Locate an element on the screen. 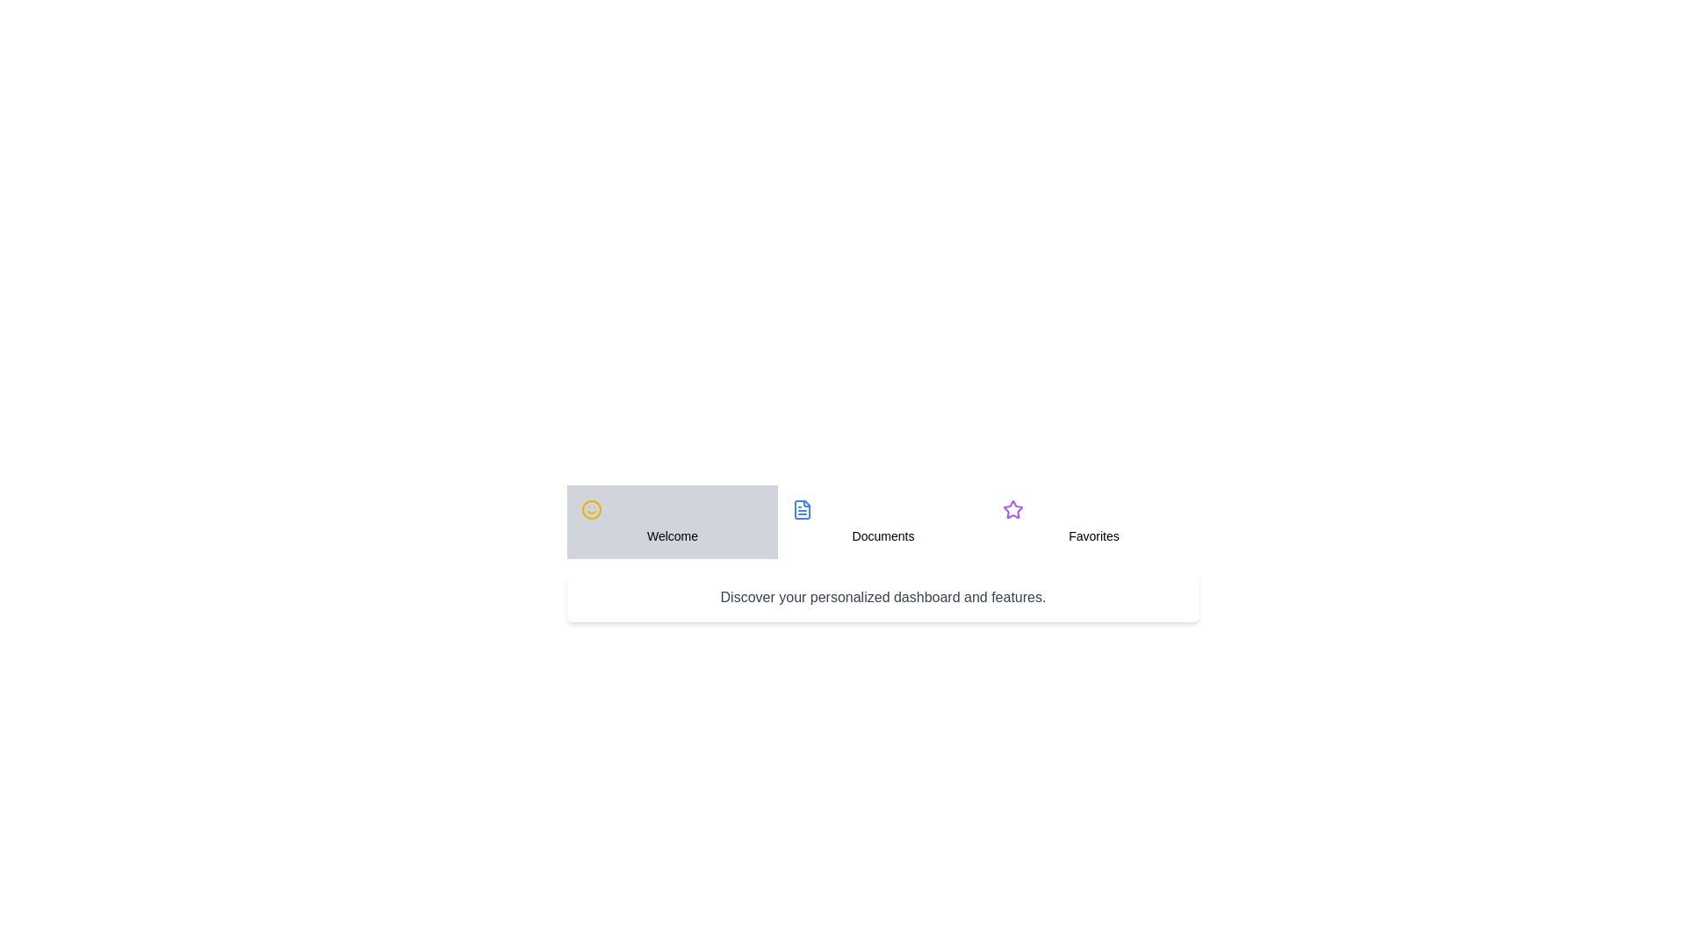 The image size is (1686, 948). the tab titled Welcome by clicking on it is located at coordinates (672, 521).